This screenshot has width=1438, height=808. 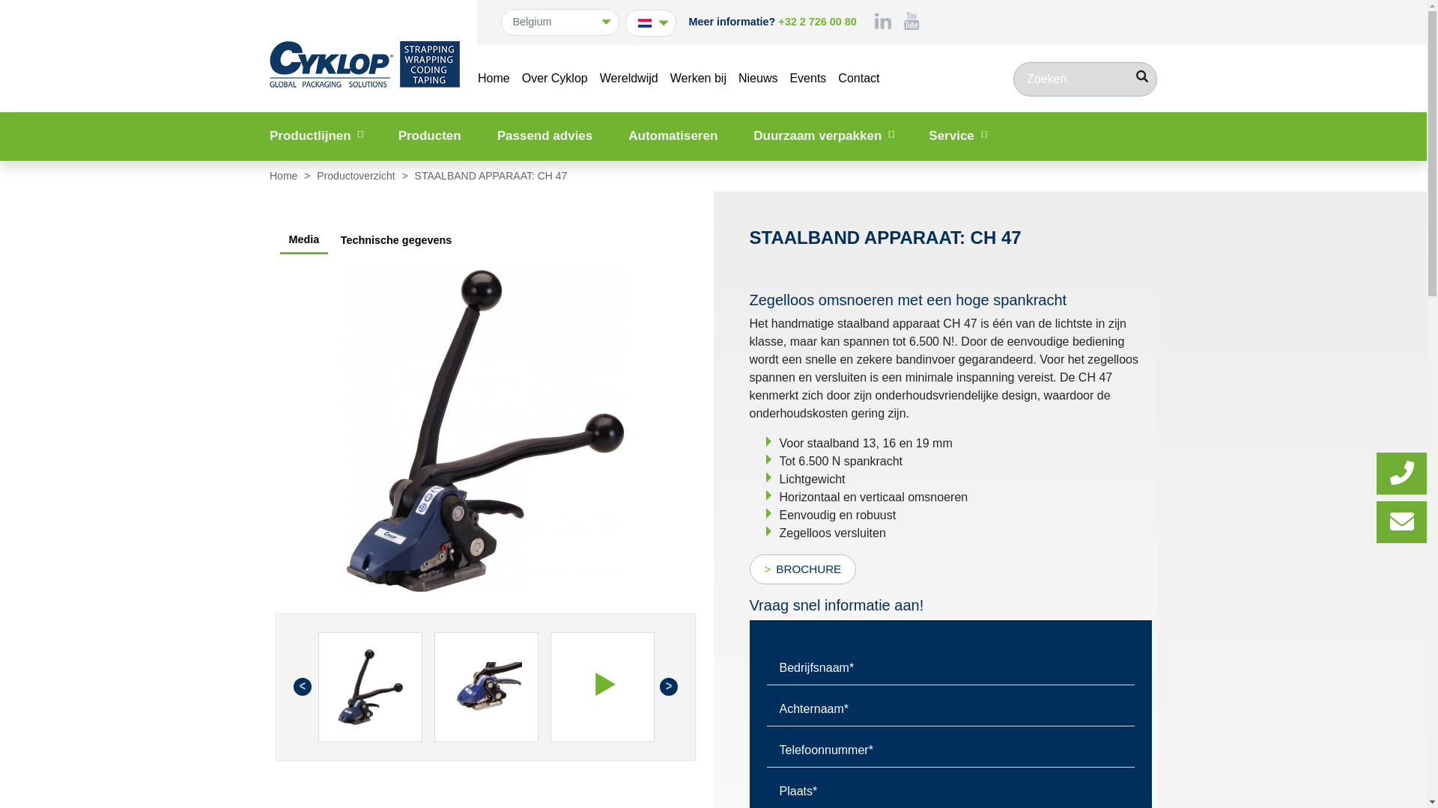 What do you see at coordinates (486, 687) in the screenshot?
I see `'STAALBAND APPARAAT: CH 47'` at bounding box center [486, 687].